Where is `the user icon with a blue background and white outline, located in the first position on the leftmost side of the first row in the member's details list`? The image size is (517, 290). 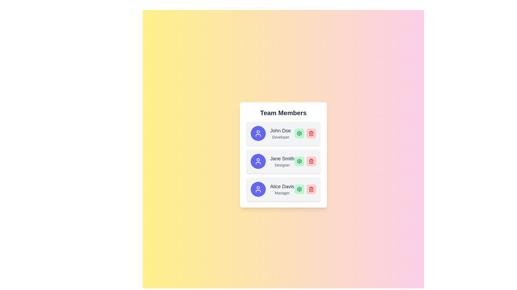 the user icon with a blue background and white outline, located in the first position on the leftmost side of the first row in the member's details list is located at coordinates (258, 133).